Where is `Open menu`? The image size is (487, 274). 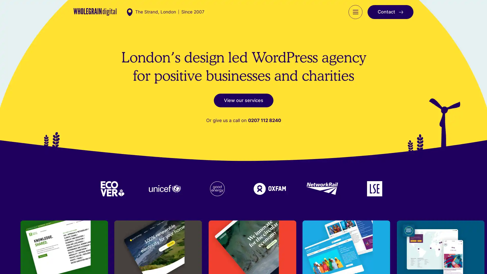
Open menu is located at coordinates (355, 17).